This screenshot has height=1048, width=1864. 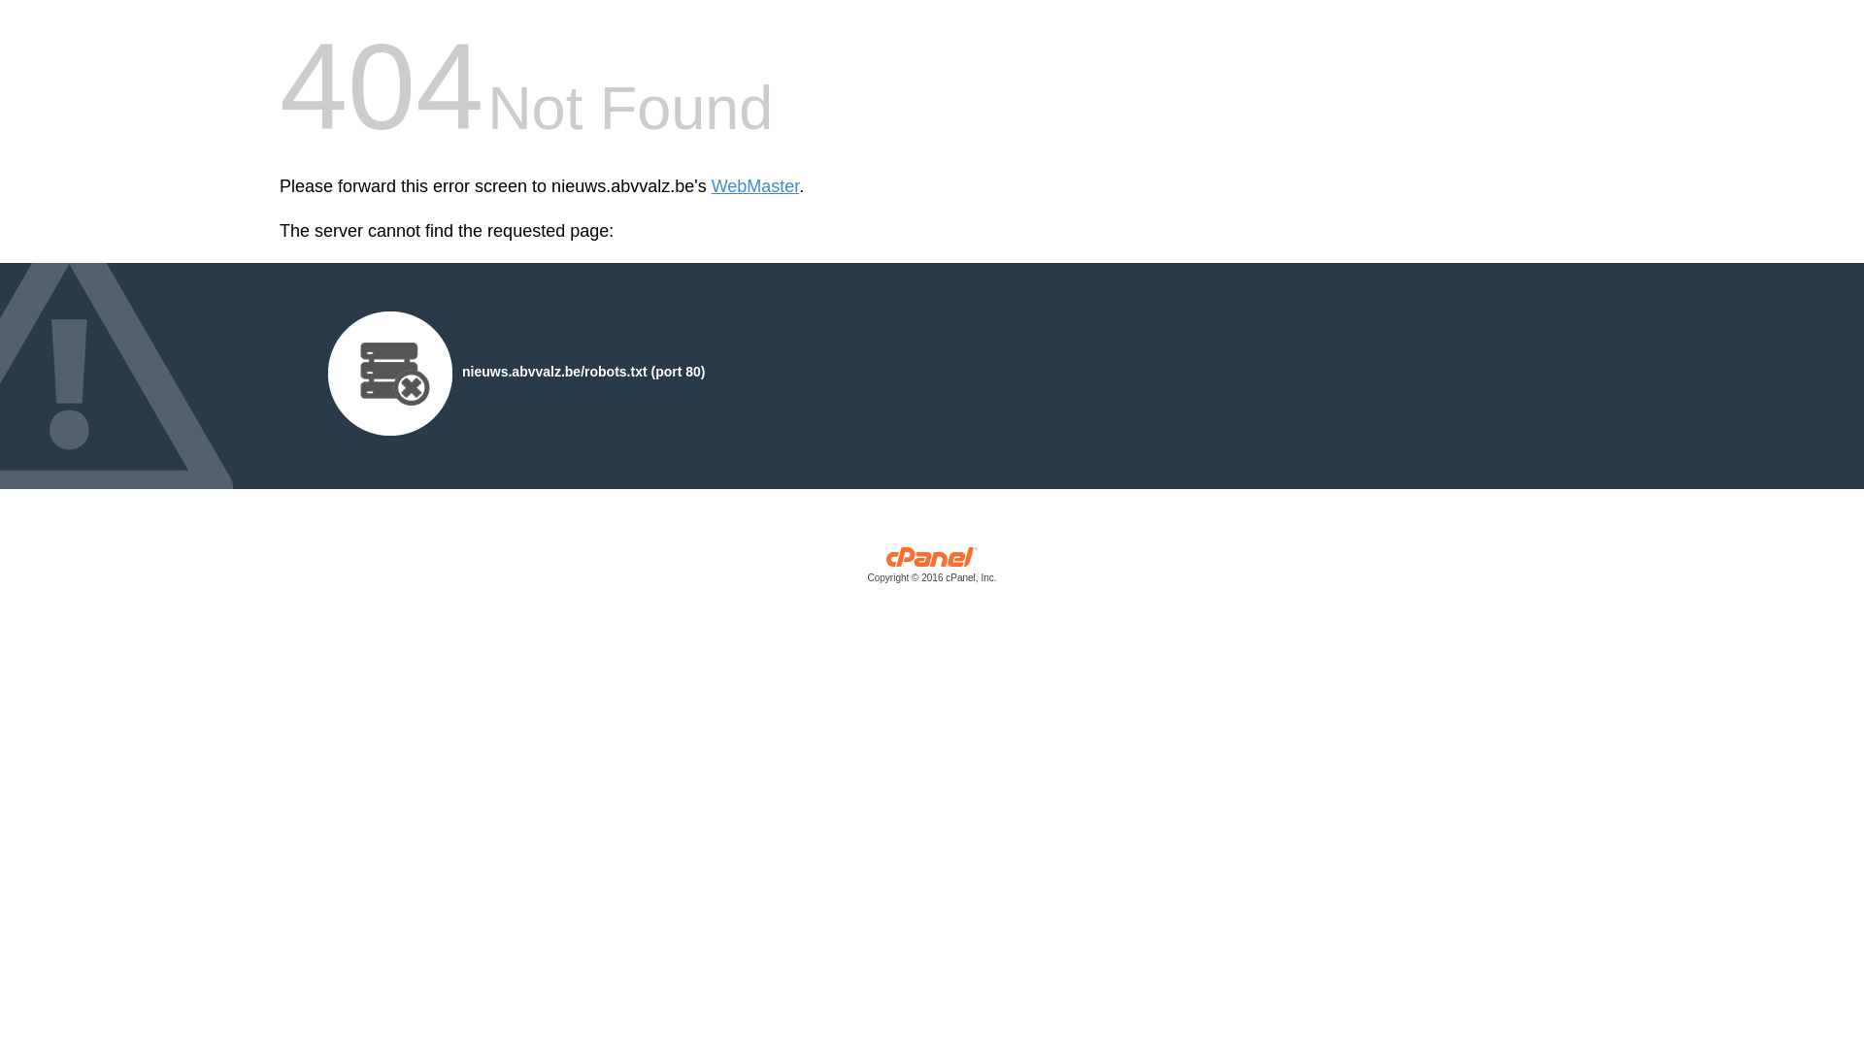 I want to click on 'WebMaster', so click(x=754, y=186).